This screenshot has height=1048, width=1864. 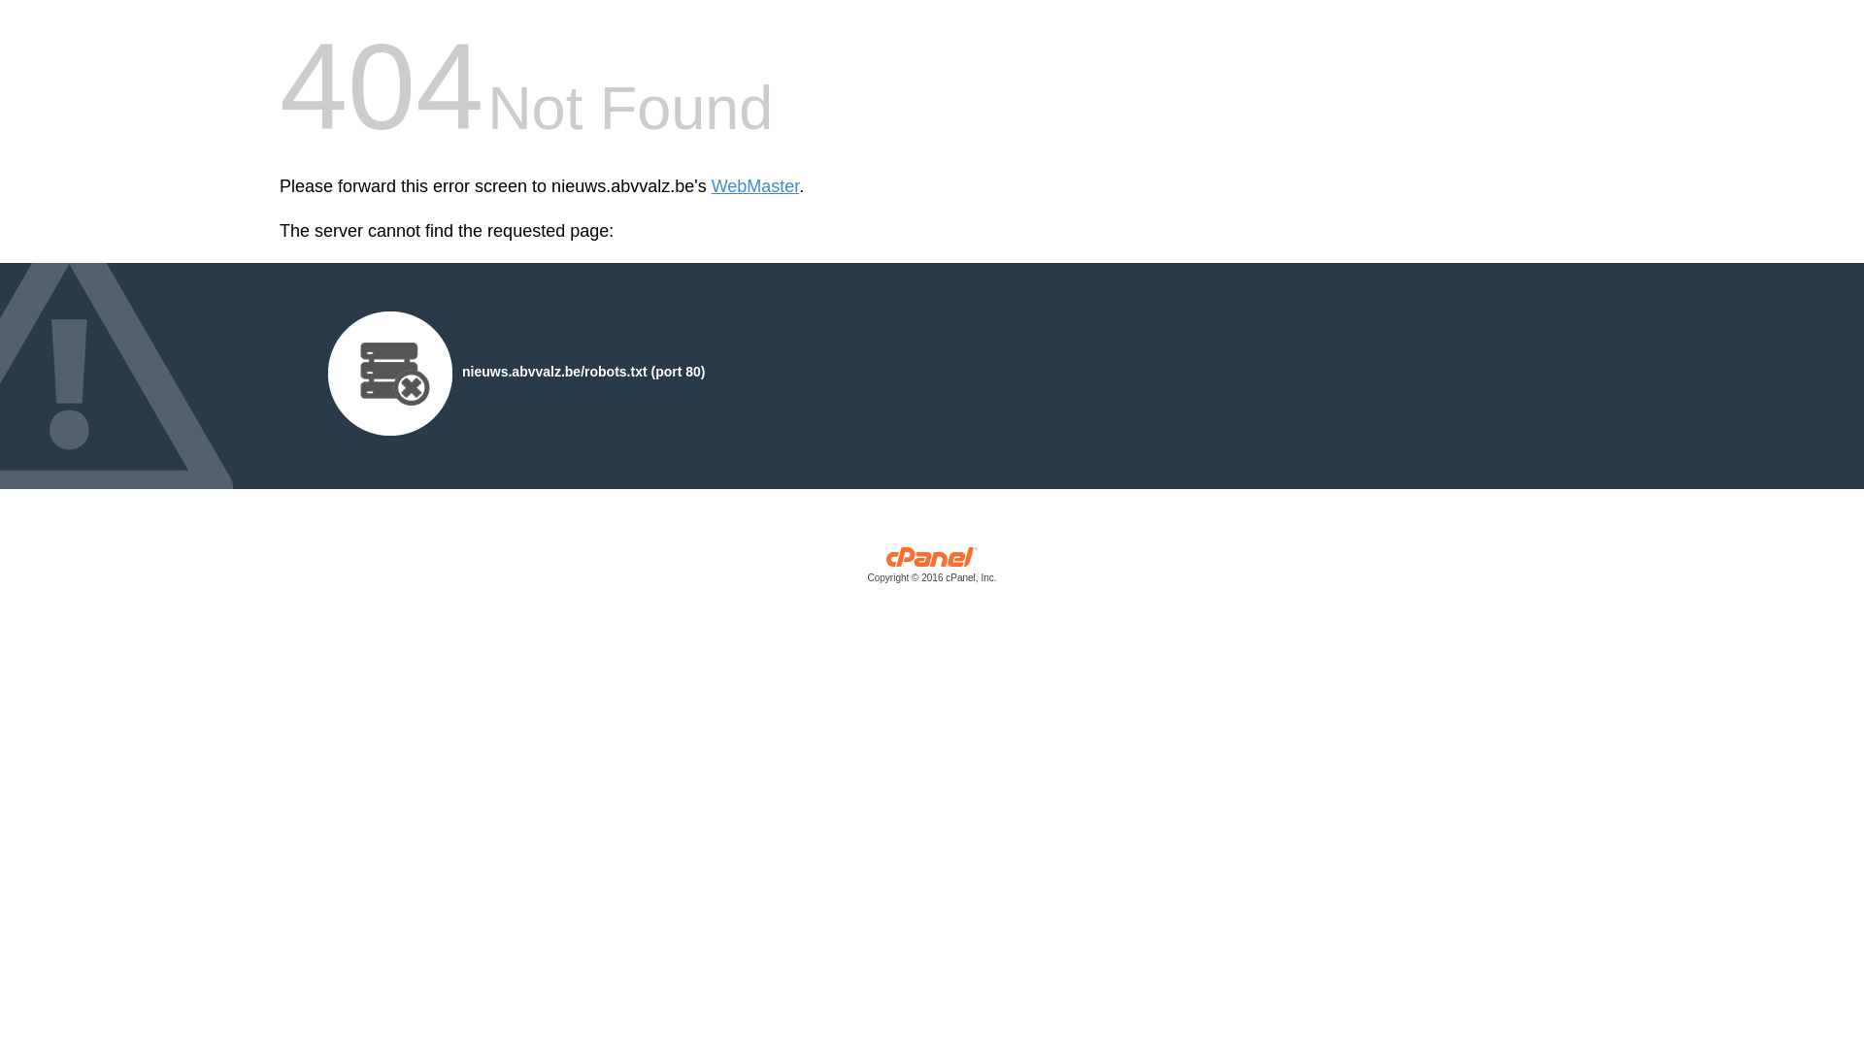 I want to click on 'WebMaster', so click(x=754, y=186).